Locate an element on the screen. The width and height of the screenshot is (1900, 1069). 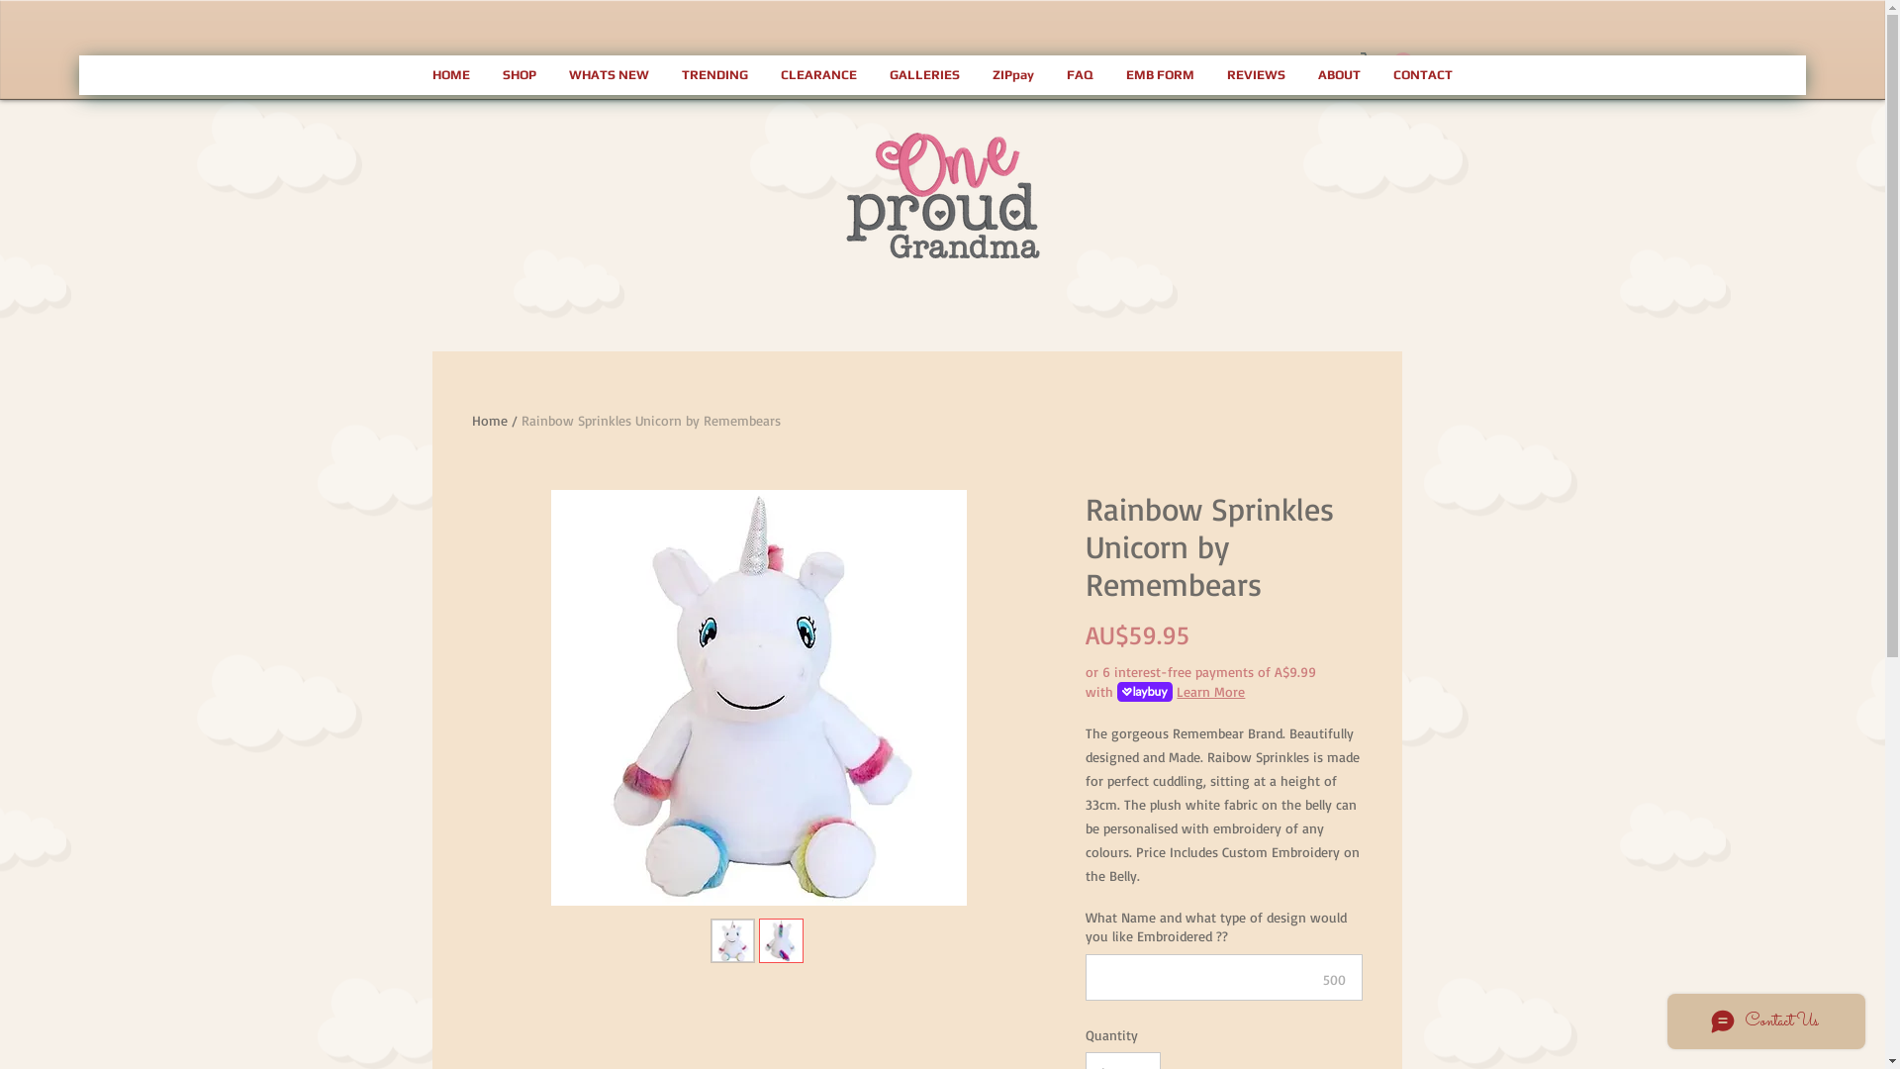
'ABOUT' is located at coordinates (1339, 74).